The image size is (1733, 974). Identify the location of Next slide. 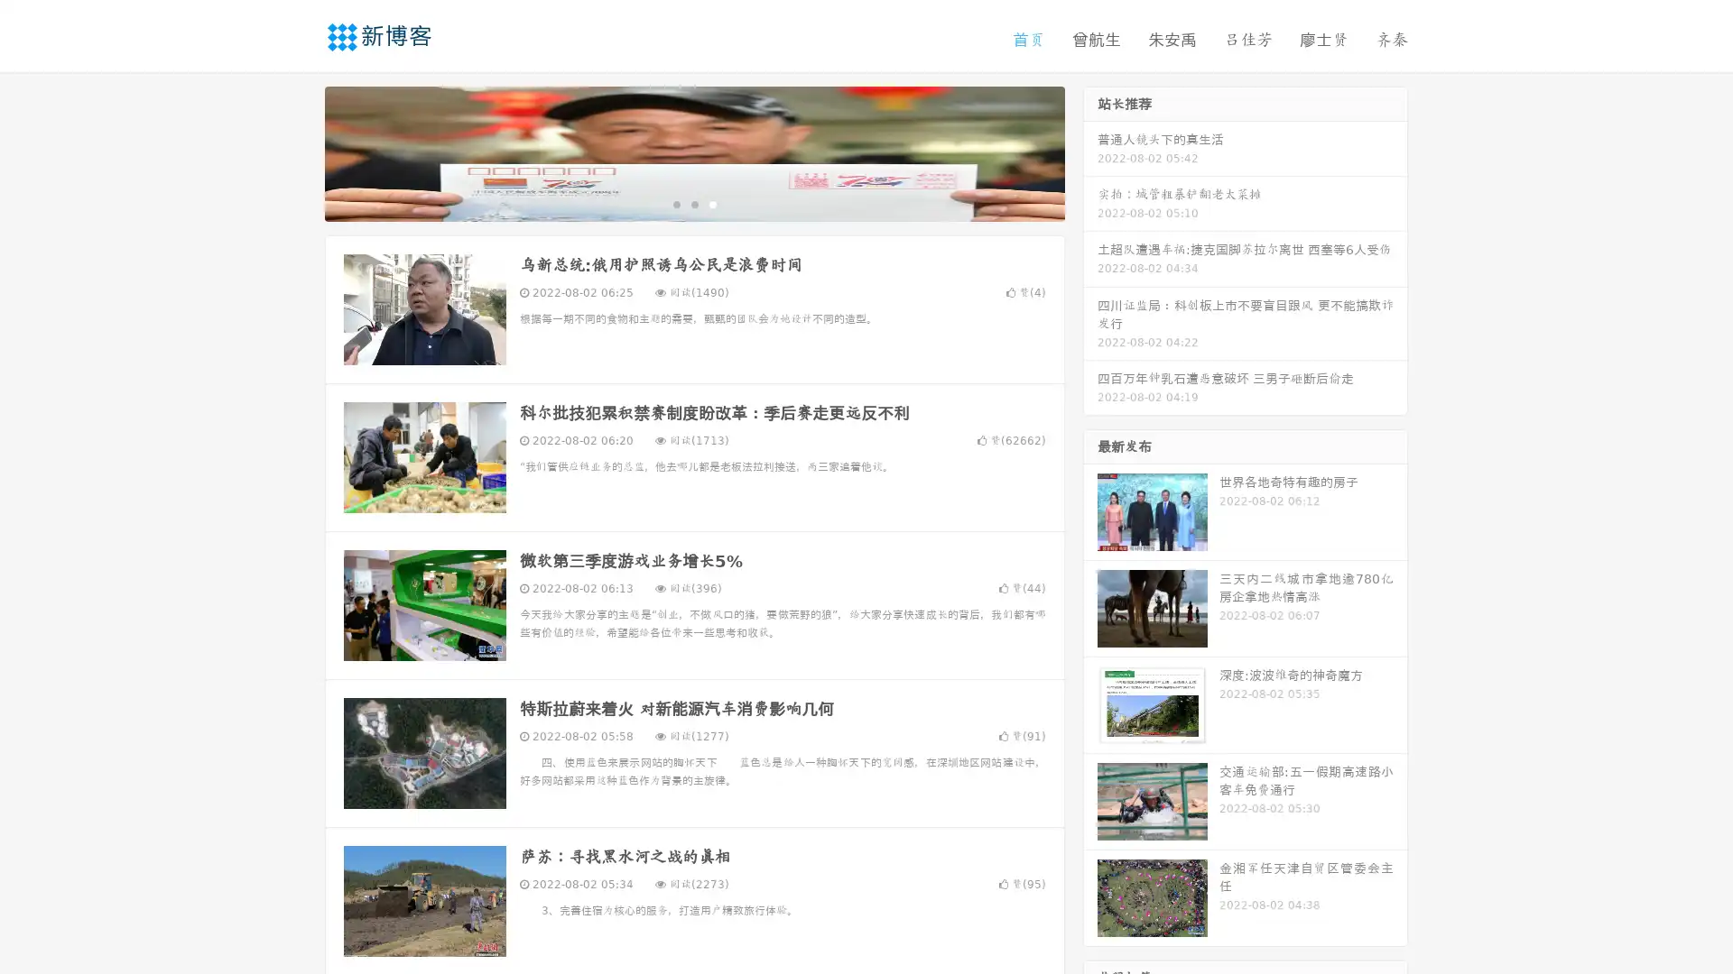
(1090, 152).